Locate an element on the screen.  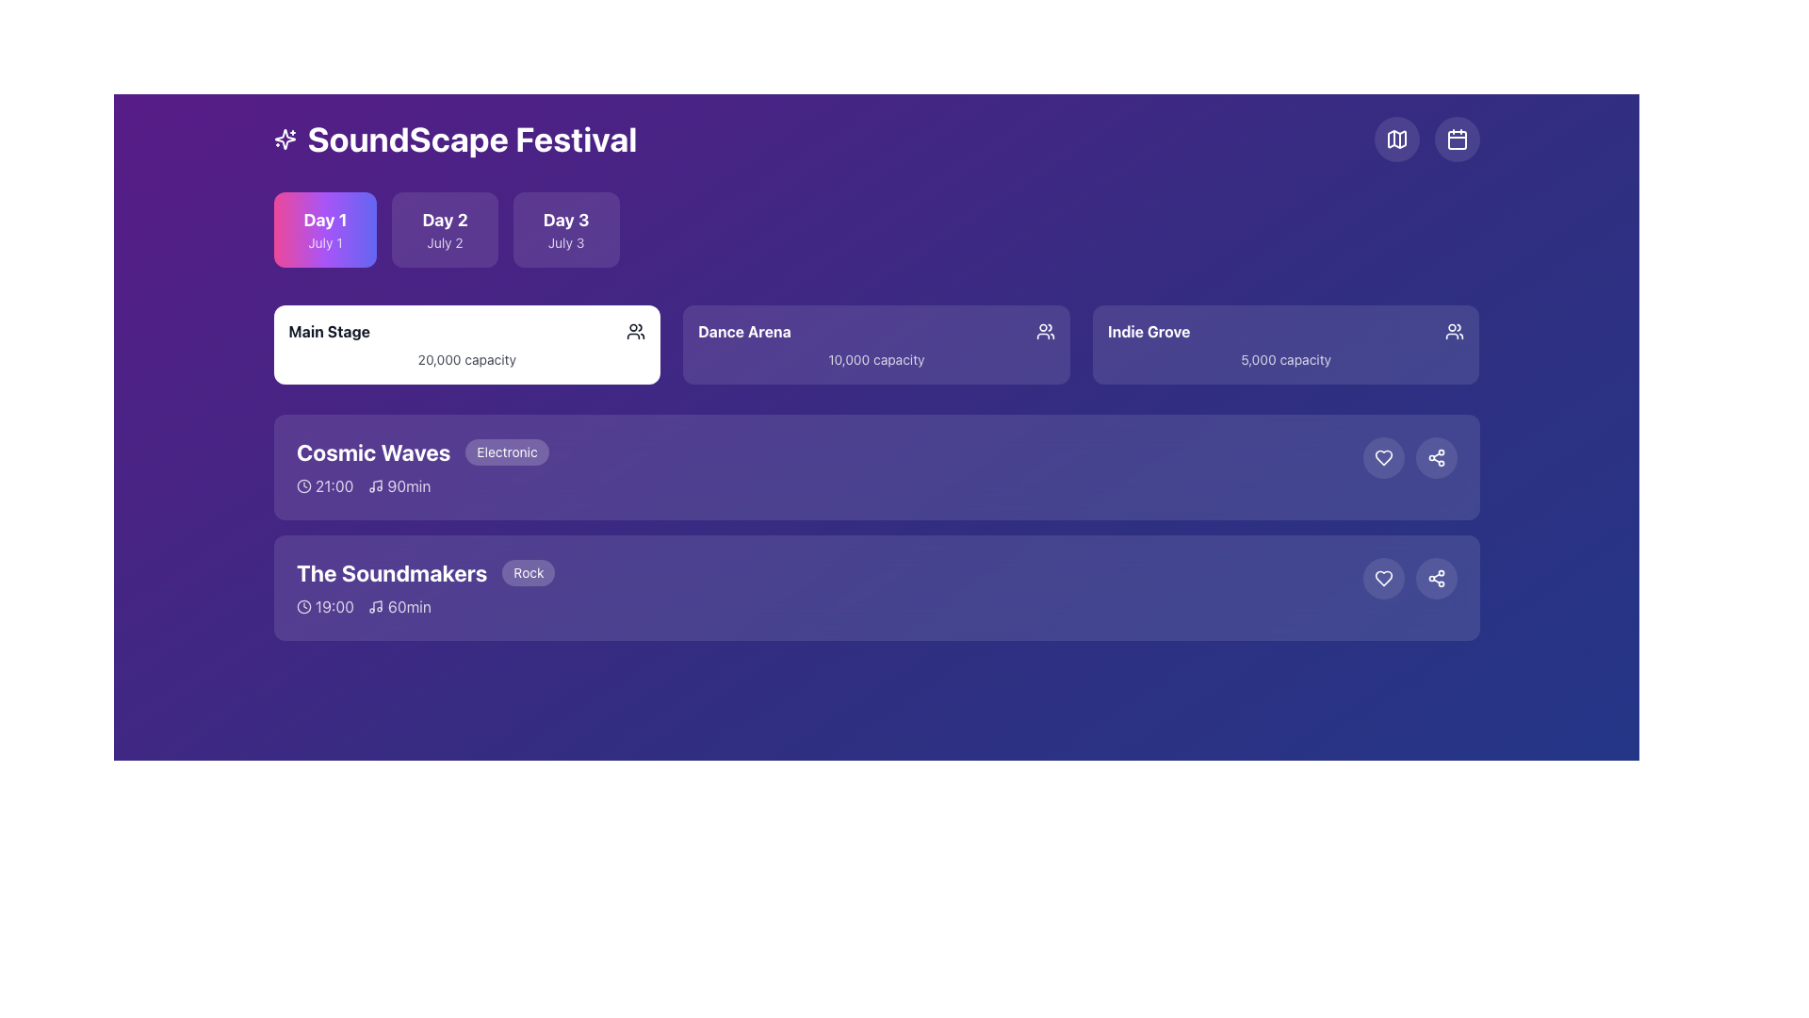
the circular outer boundary of the clock icon, which is part of the event scheduling interface and is located to the left of the time duration text is located at coordinates (303, 485).